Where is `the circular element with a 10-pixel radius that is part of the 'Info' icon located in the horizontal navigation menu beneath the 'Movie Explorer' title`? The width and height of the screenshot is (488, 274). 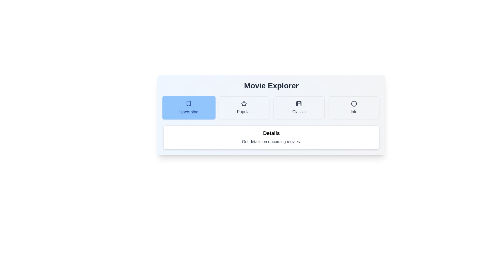
the circular element with a 10-pixel radius that is part of the 'Info' icon located in the horizontal navigation menu beneath the 'Movie Explorer' title is located at coordinates (354, 103).